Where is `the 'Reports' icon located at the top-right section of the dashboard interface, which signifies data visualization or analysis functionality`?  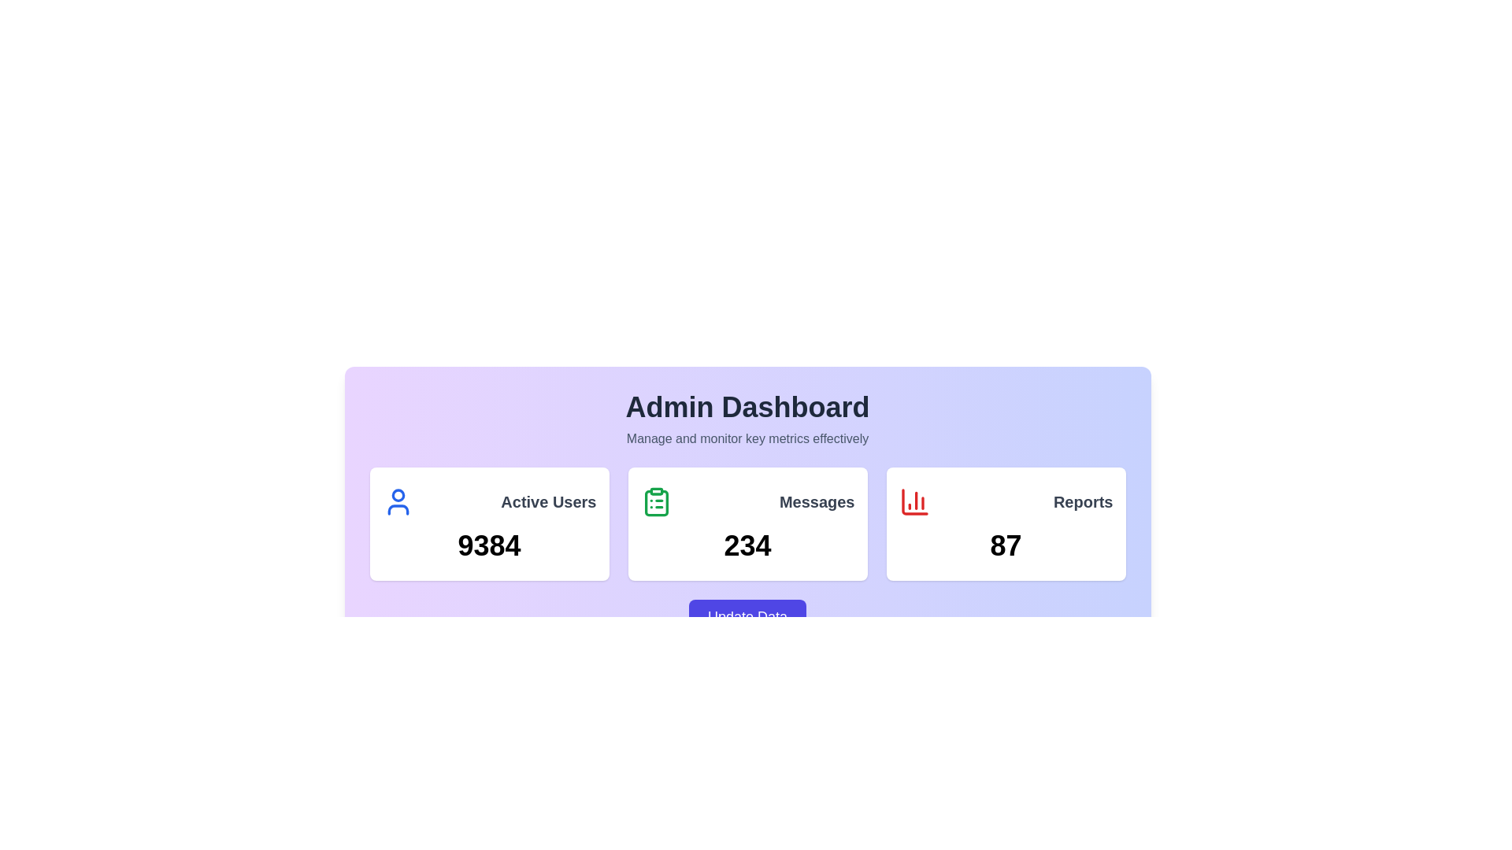
the 'Reports' icon located at the top-right section of the dashboard interface, which signifies data visualization or analysis functionality is located at coordinates (914, 501).